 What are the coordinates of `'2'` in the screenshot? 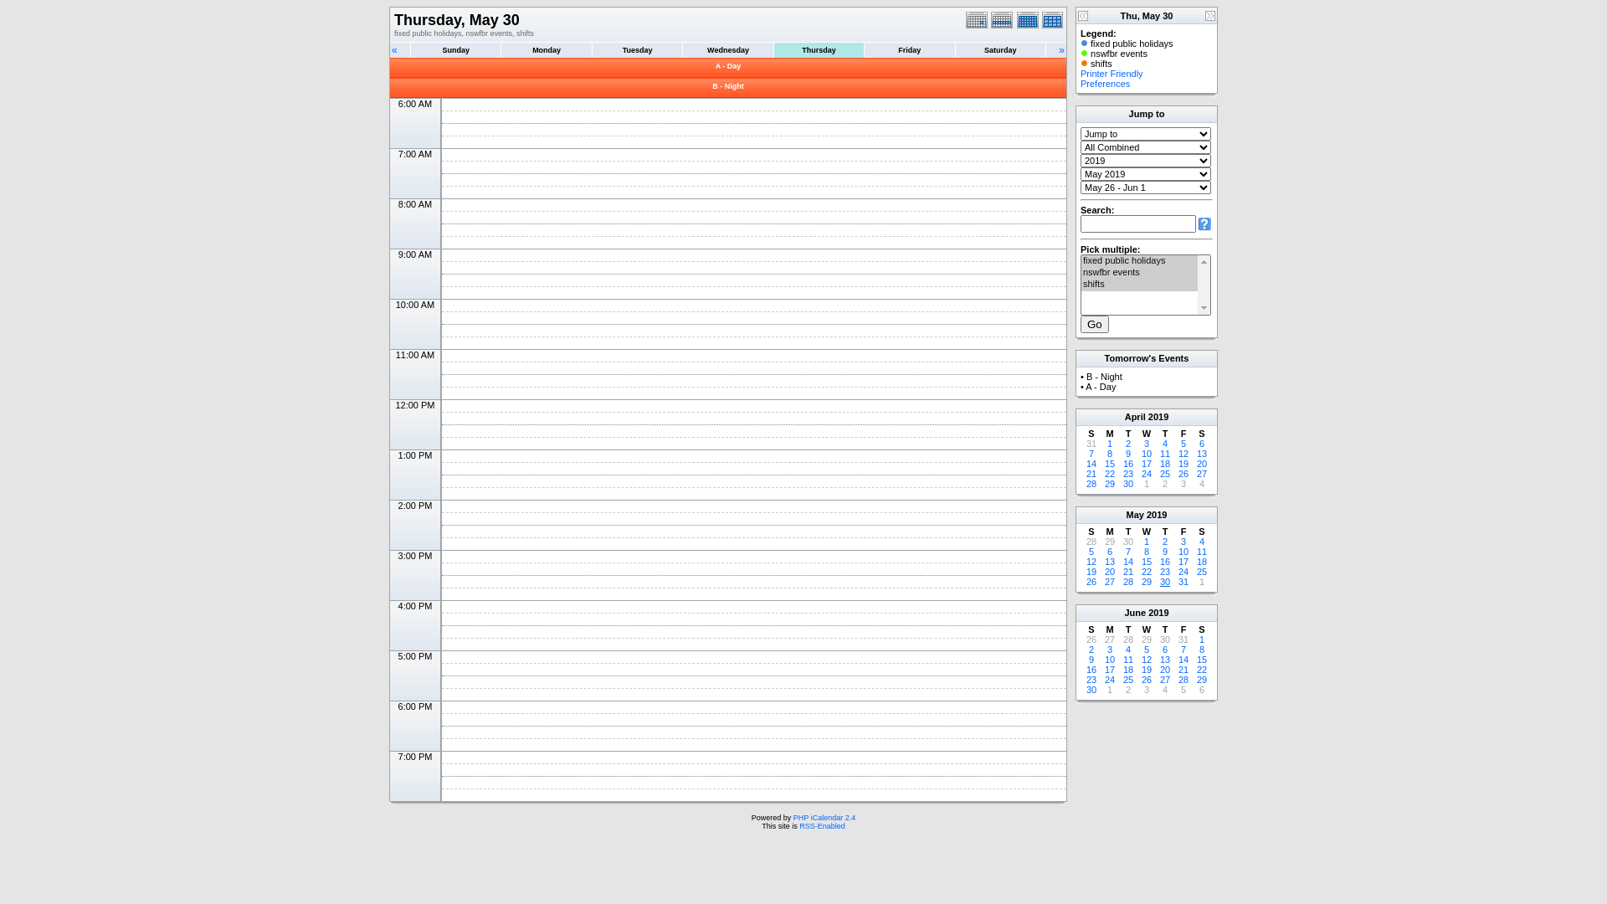 It's located at (1161, 484).